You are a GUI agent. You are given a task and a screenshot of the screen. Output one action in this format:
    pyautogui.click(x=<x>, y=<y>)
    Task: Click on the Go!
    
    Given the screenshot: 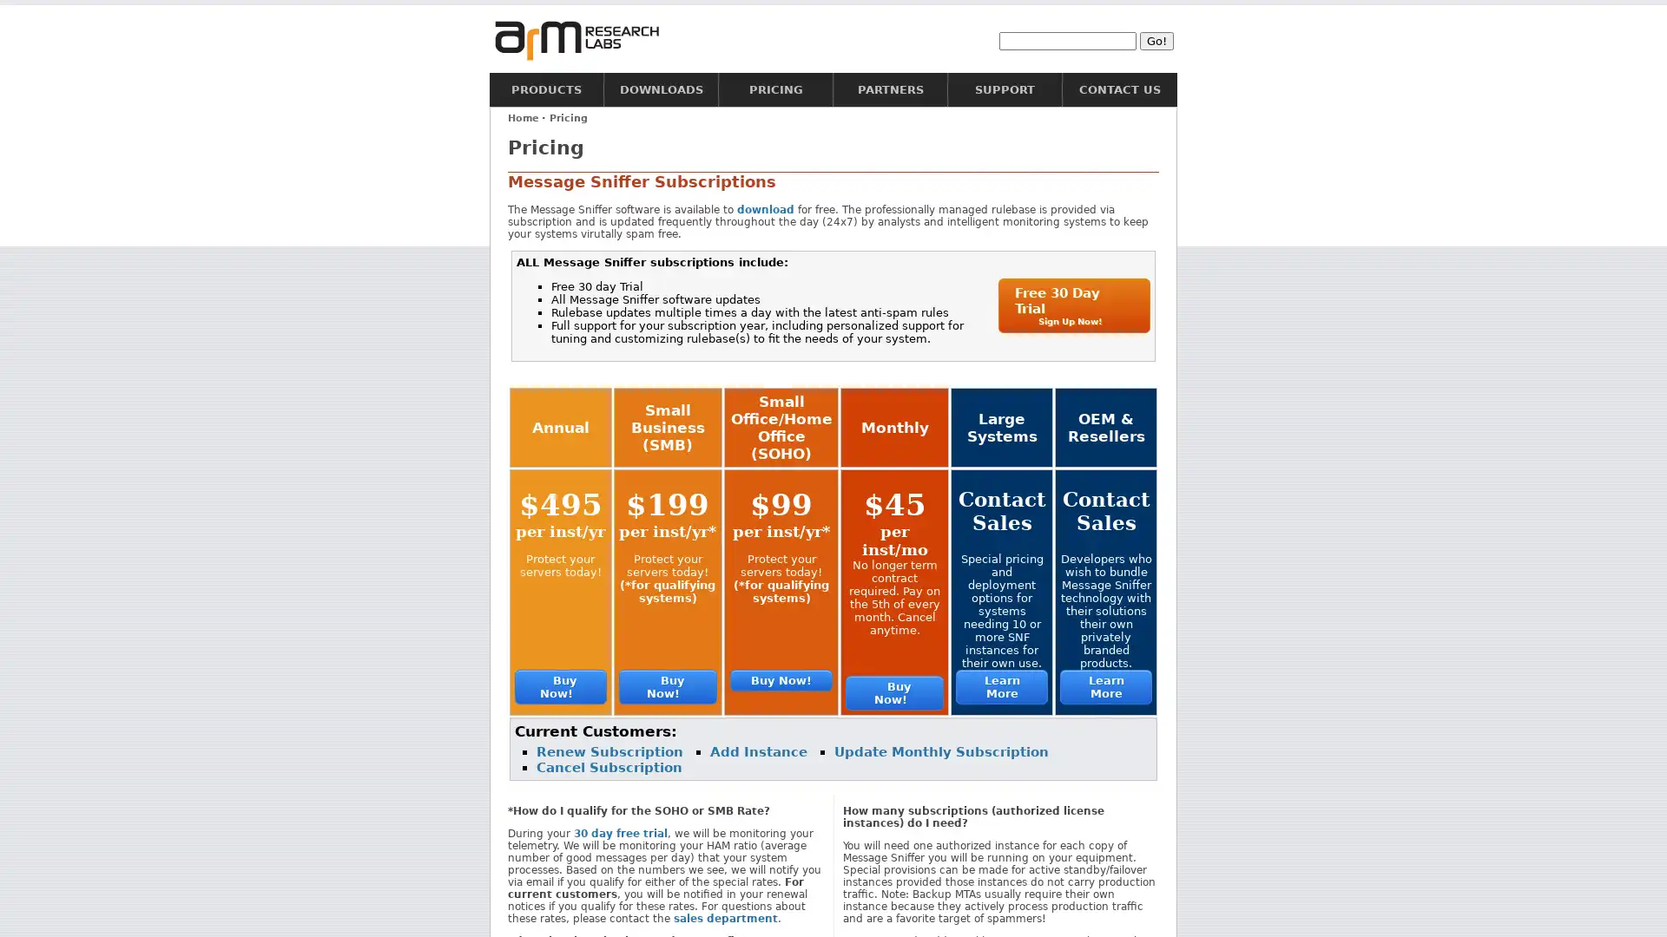 What is the action you would take?
    pyautogui.click(x=1156, y=39)
    